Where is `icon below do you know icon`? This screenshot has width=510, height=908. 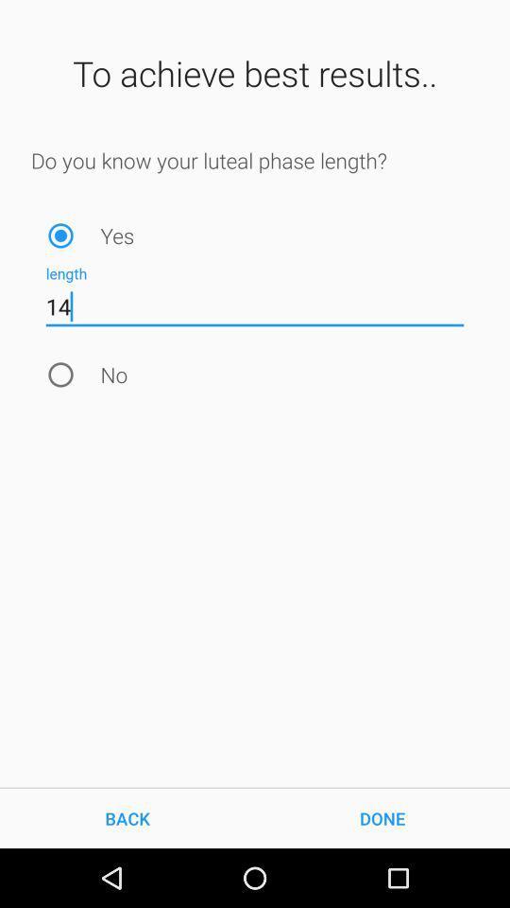 icon below do you know icon is located at coordinates (60, 235).